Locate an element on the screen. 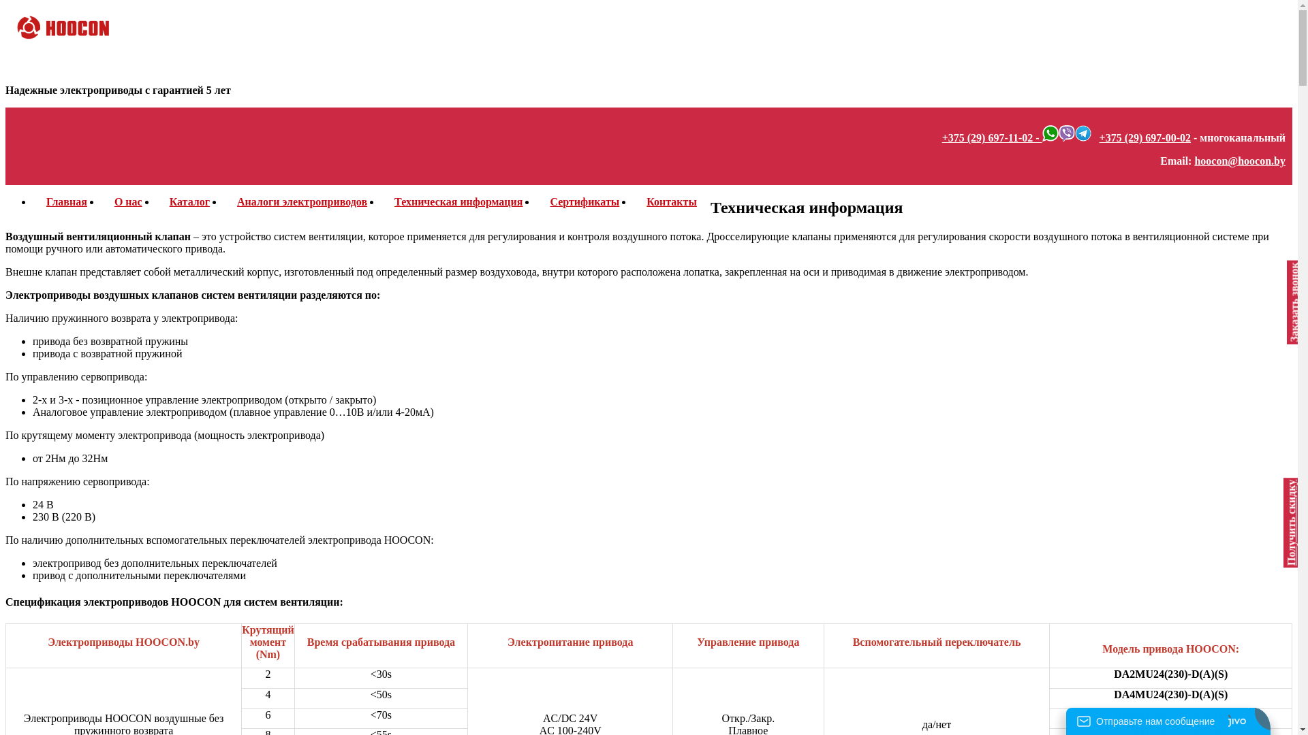 The image size is (1308, 735). '+375 (29) 697-00-02' is located at coordinates (1144, 137).